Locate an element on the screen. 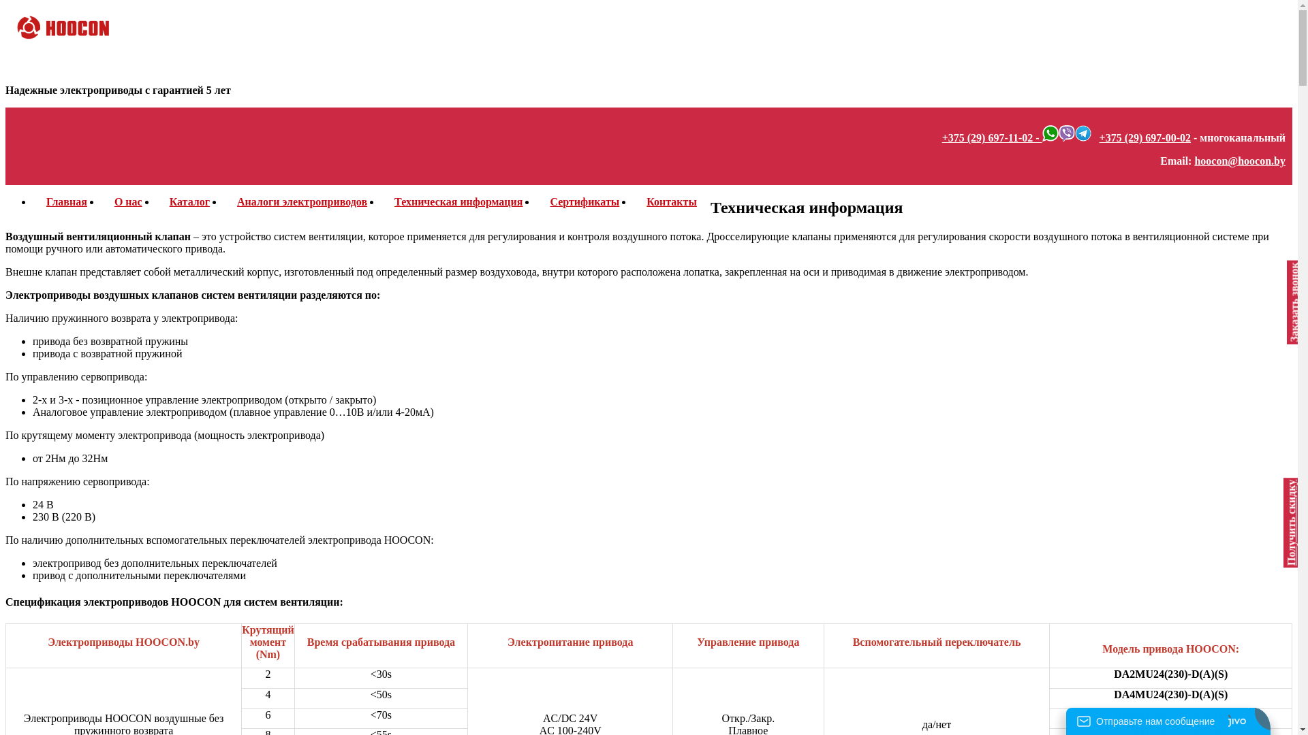 The image size is (1308, 735). '+375 (29) 697-00-02' is located at coordinates (1144, 137).